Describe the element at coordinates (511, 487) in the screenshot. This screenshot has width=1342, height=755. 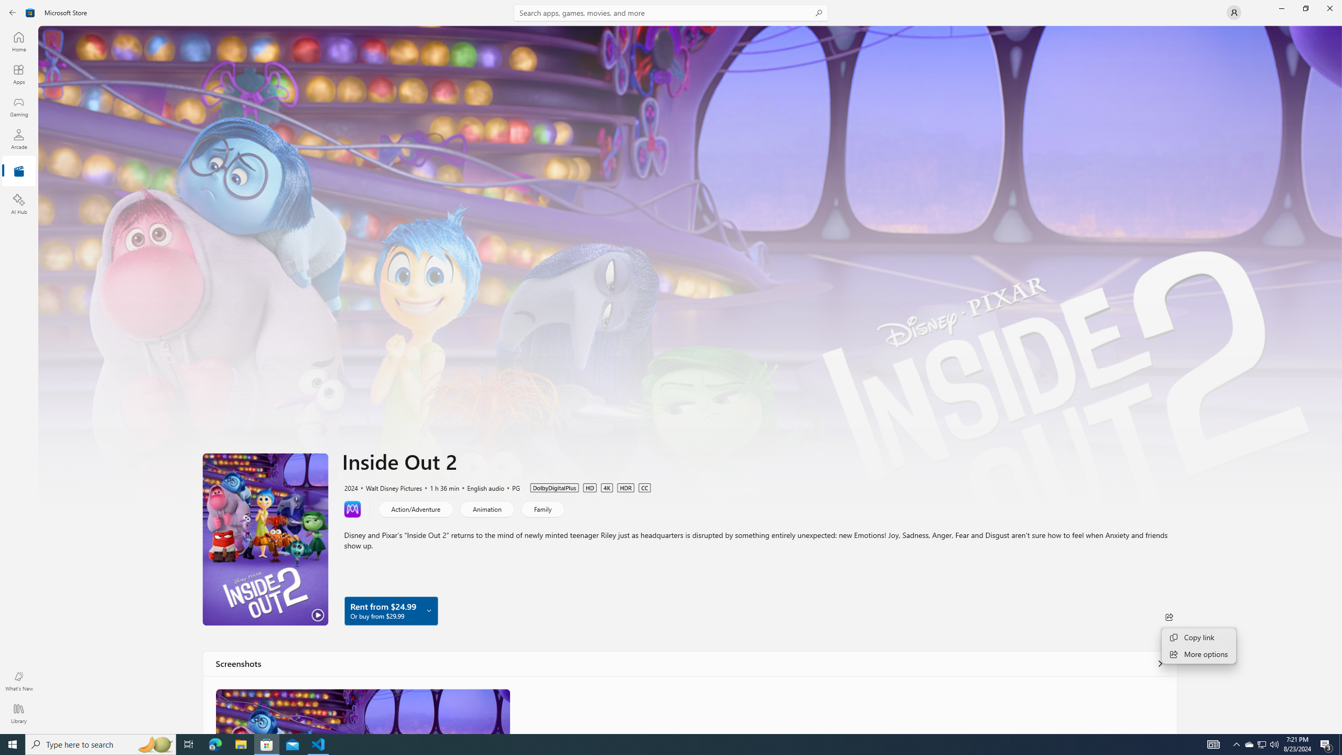
I see `'PG'` at that location.